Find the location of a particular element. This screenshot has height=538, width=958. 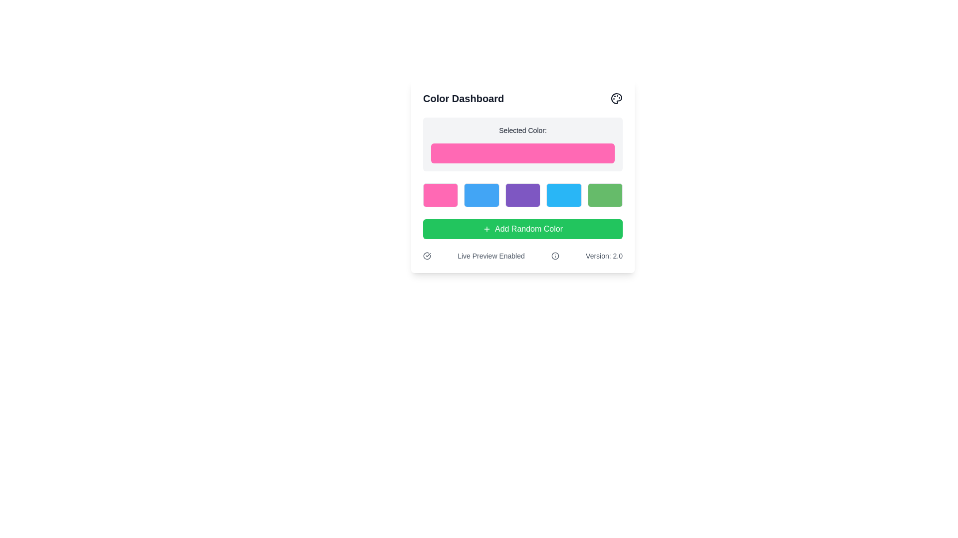

the success indication icon associated with 'Live Preview Enabled', located to the left of the 'Add Random Color' button is located at coordinates (427, 255).